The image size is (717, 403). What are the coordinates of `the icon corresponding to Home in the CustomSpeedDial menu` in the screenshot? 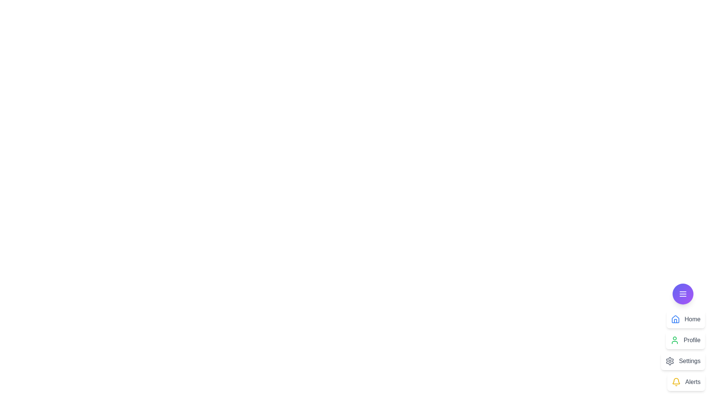 It's located at (676, 319).